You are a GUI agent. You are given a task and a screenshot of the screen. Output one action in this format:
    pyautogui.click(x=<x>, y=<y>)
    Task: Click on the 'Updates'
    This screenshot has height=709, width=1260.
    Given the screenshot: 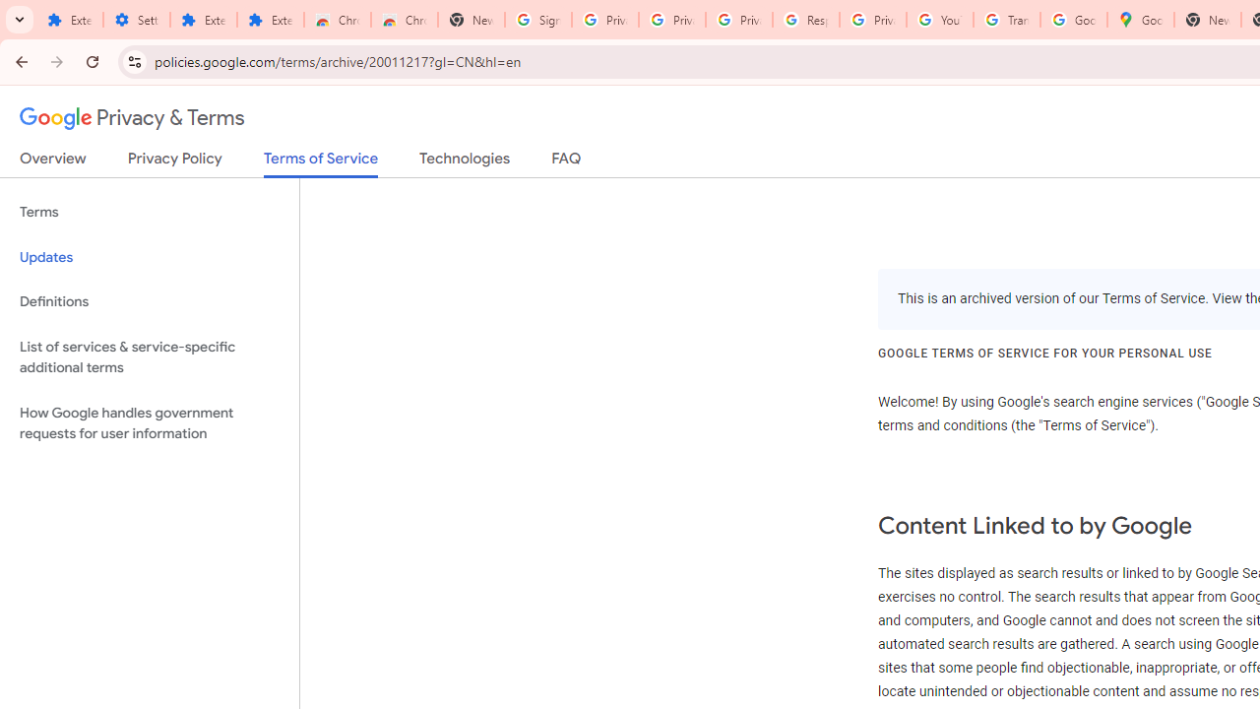 What is the action you would take?
    pyautogui.click(x=149, y=256)
    